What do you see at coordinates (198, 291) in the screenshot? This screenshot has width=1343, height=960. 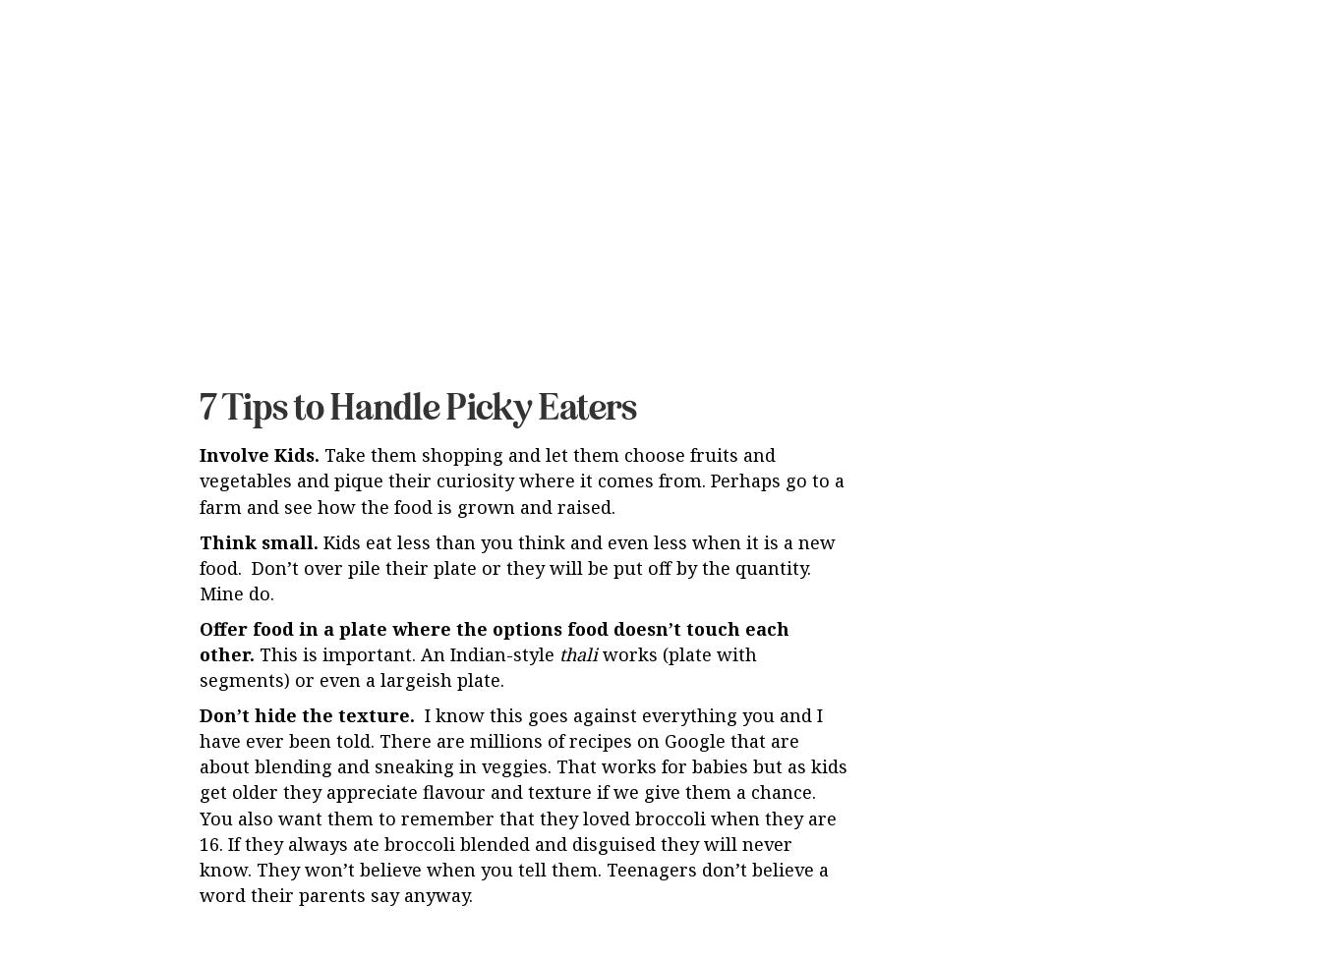 I see `'Involve Kids.'` at bounding box center [198, 291].